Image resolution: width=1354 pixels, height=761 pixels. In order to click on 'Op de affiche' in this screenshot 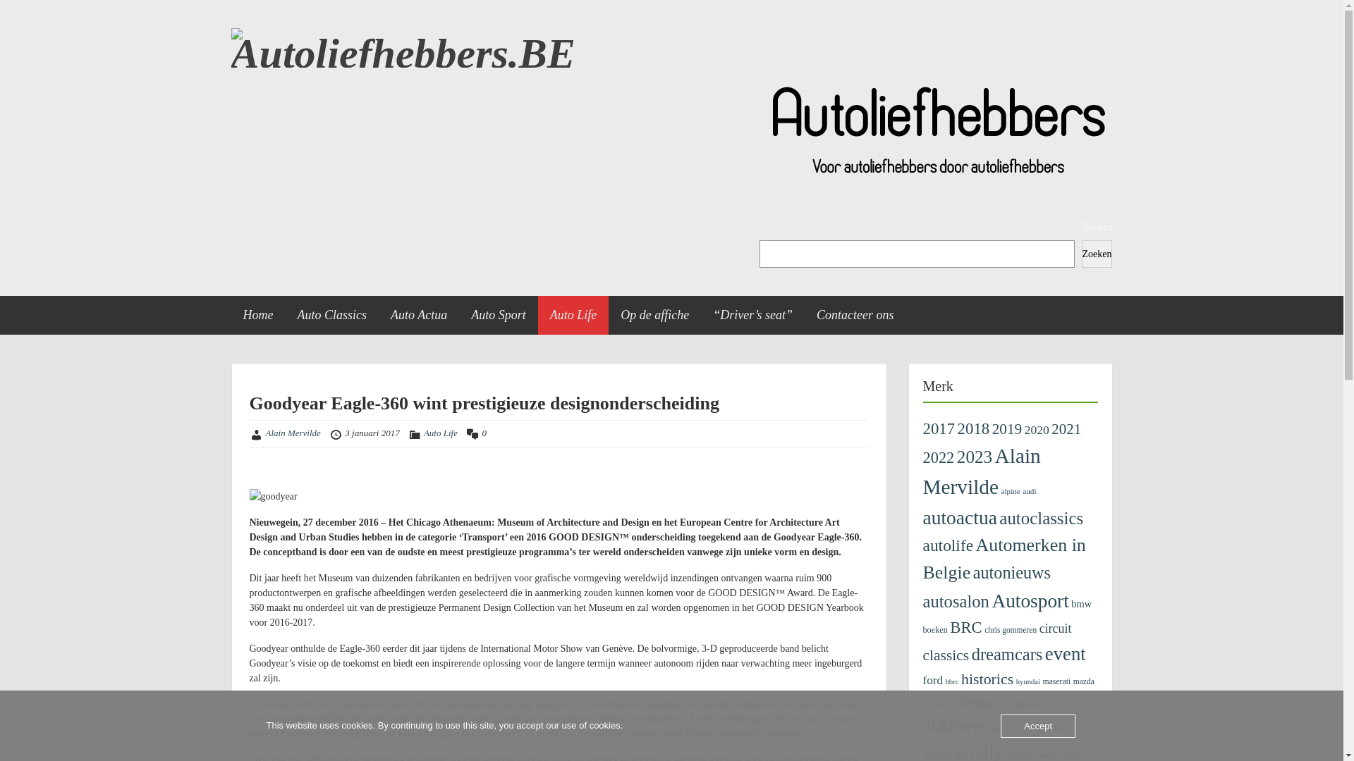, I will do `click(609, 314)`.